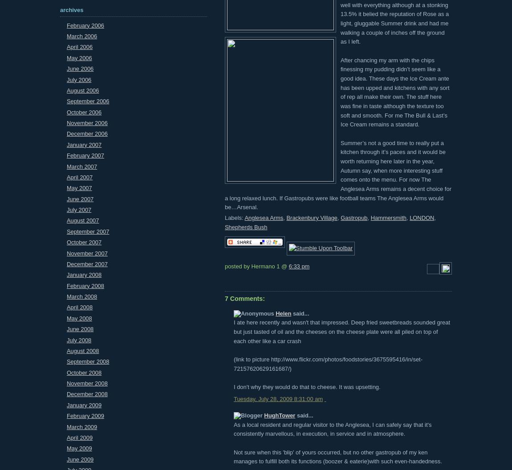  What do you see at coordinates (341, 331) in the screenshot?
I see `'I ate here recently and wasn't that impressed. Deep fried sweetbreads sounded great but just tasted of oil and the cheeses on the cheese plate were all piled on top of each other like a car crash'` at bounding box center [341, 331].